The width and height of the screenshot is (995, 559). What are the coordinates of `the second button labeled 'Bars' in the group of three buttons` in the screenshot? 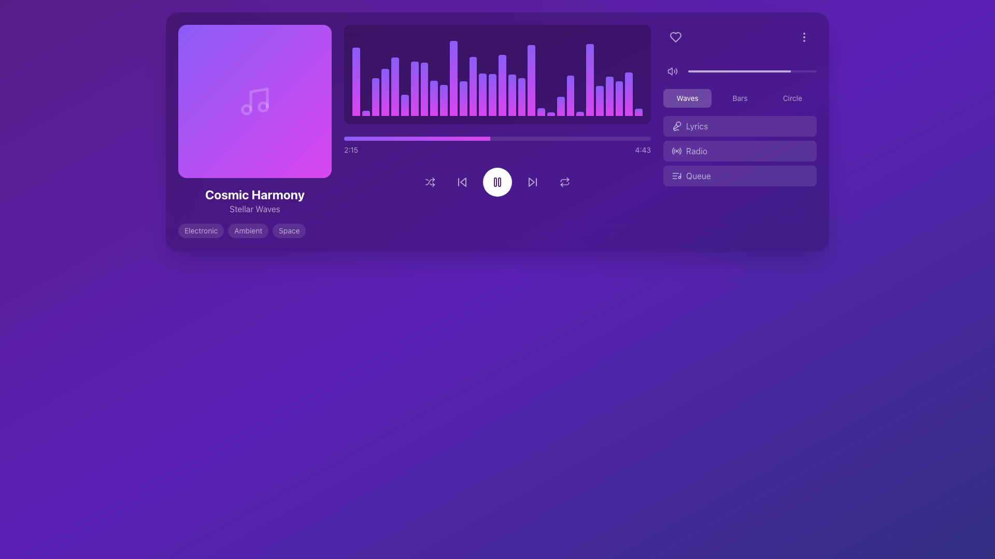 It's located at (739, 98).